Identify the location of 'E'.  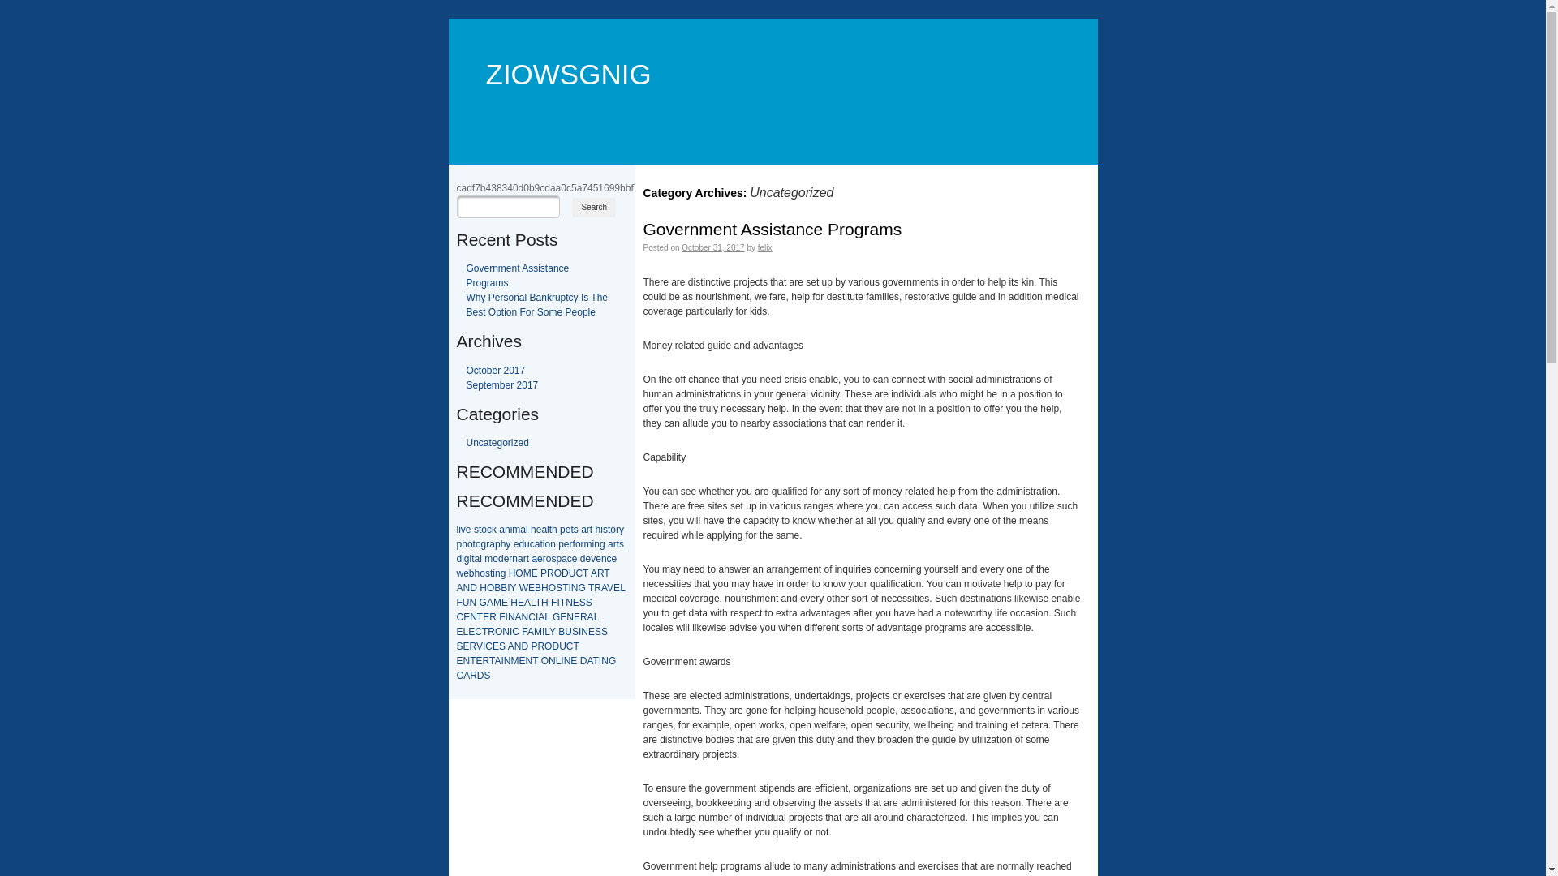
(504, 603).